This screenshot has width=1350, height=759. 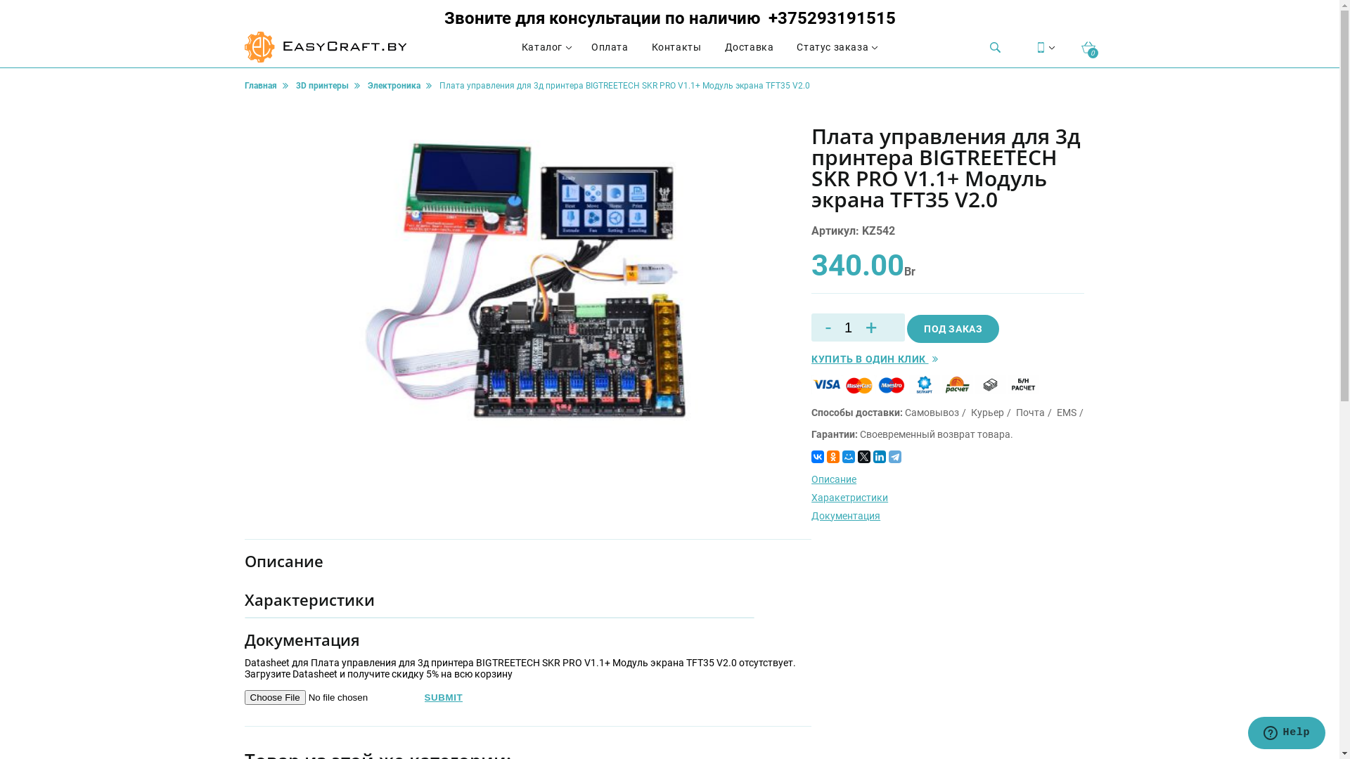 I want to click on 'LinkedIn', so click(x=879, y=457).